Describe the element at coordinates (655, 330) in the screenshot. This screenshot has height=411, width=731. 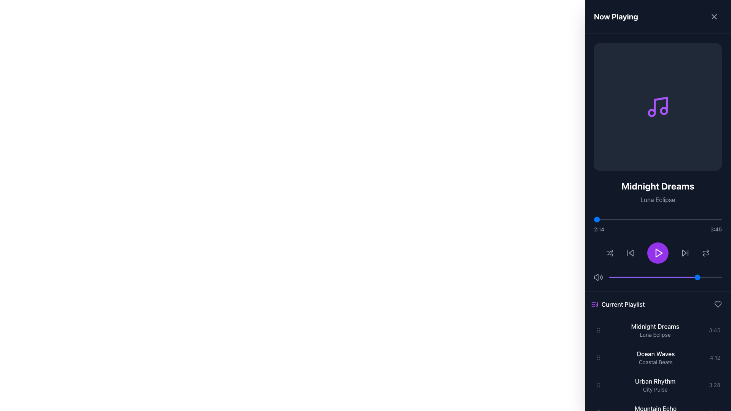
I see `the Text Display element that provides the title and subtitle of the first song in the 'Current Playlist', positioned above 'Ocean Waves'` at that location.